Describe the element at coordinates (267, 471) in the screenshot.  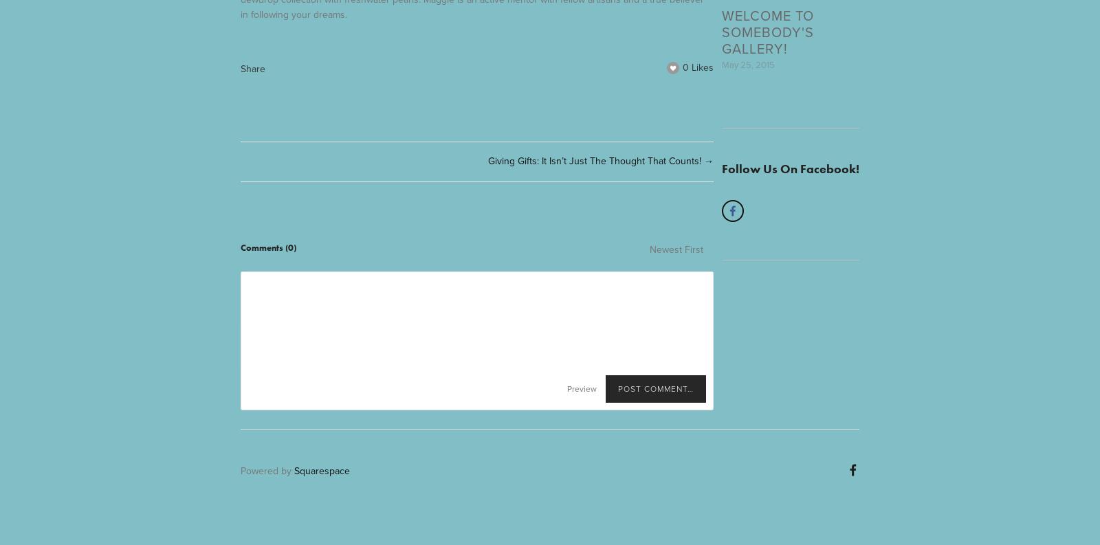
I see `'Powered by'` at that location.